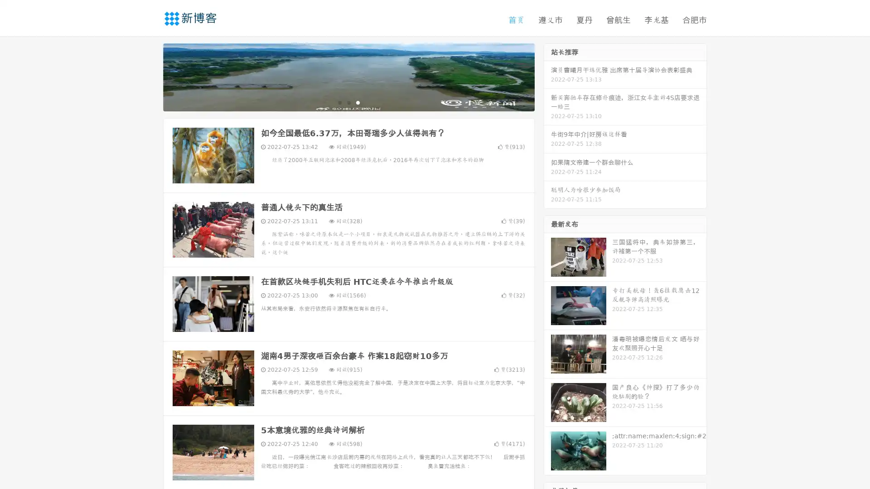 This screenshot has width=870, height=489. What do you see at coordinates (348, 102) in the screenshot?
I see `Go to slide 2` at bounding box center [348, 102].